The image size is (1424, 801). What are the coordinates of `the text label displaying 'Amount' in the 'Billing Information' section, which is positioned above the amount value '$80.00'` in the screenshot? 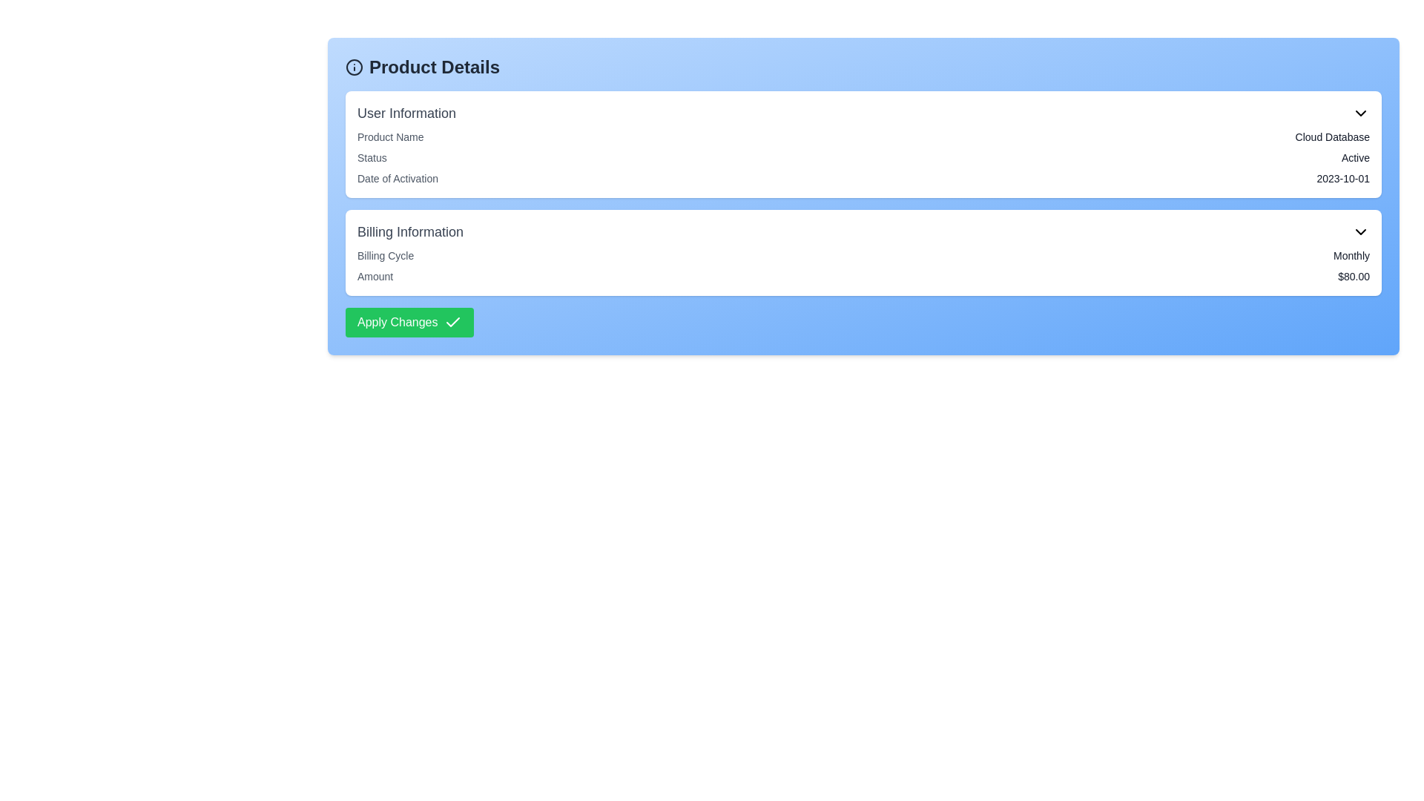 It's located at (375, 277).